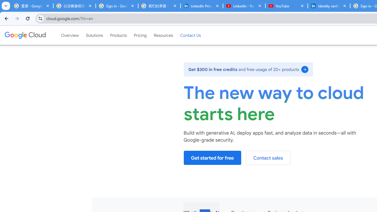  I want to click on 'Sign in - Google Accounts', so click(117, 6).